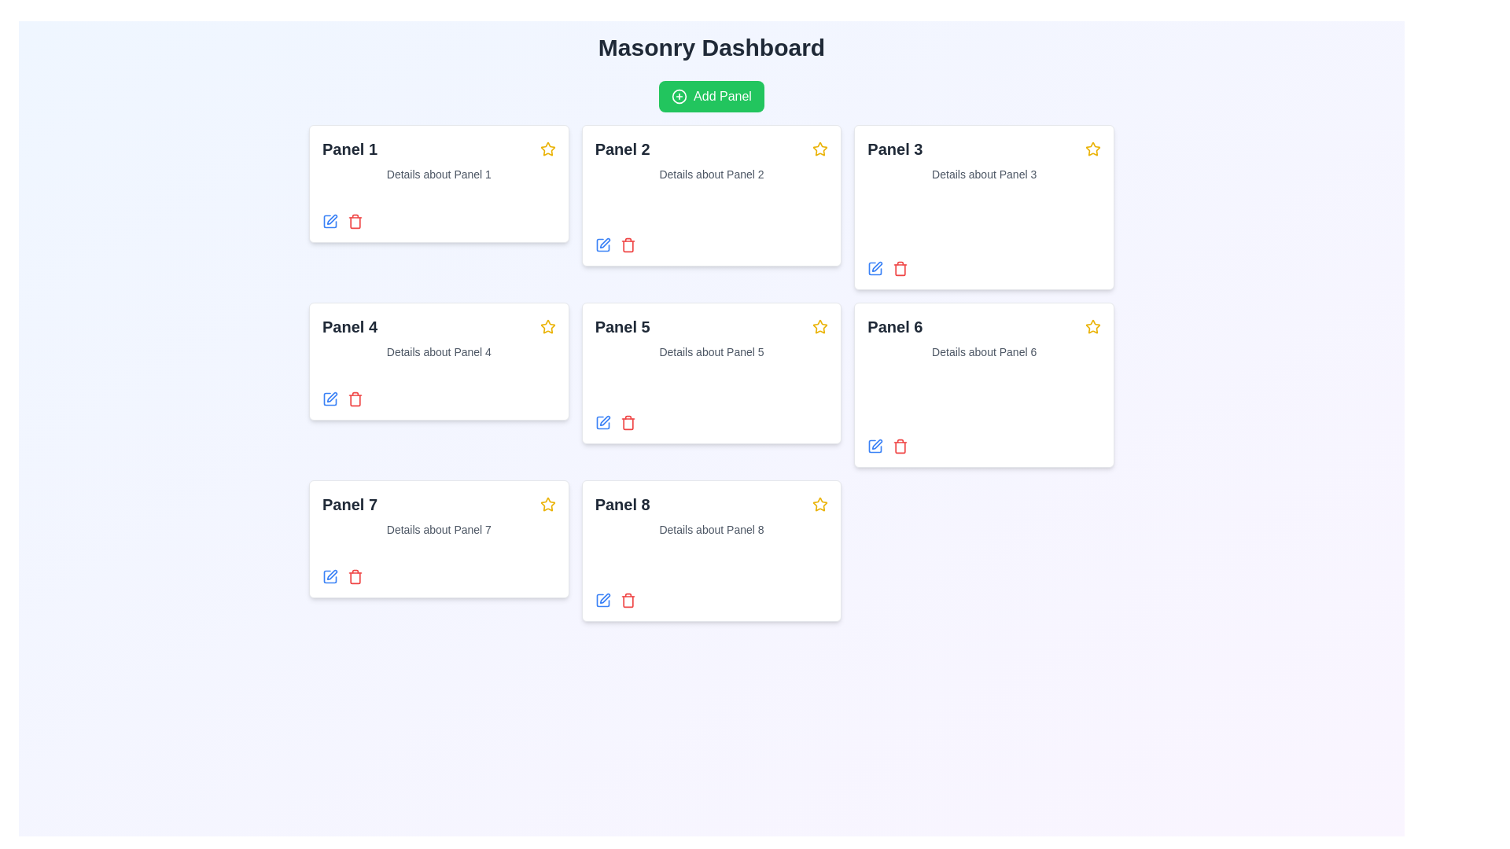 This screenshot has width=1510, height=849. Describe the element at coordinates (439, 175) in the screenshot. I see `text block displaying 'Details about Panel 1', which is positioned below the title 'Panel 1' inside the first card in the top-left section of the grid layout` at that location.